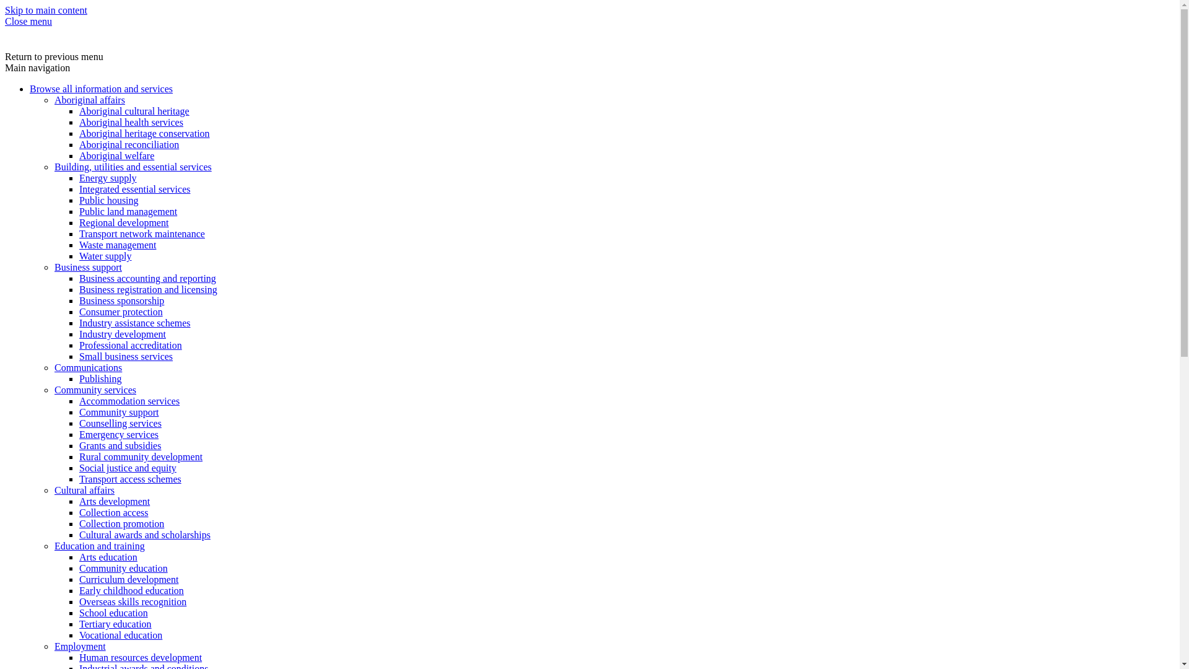 The height and width of the screenshot is (669, 1189). What do you see at coordinates (108, 178) in the screenshot?
I see `'Energy supply'` at bounding box center [108, 178].